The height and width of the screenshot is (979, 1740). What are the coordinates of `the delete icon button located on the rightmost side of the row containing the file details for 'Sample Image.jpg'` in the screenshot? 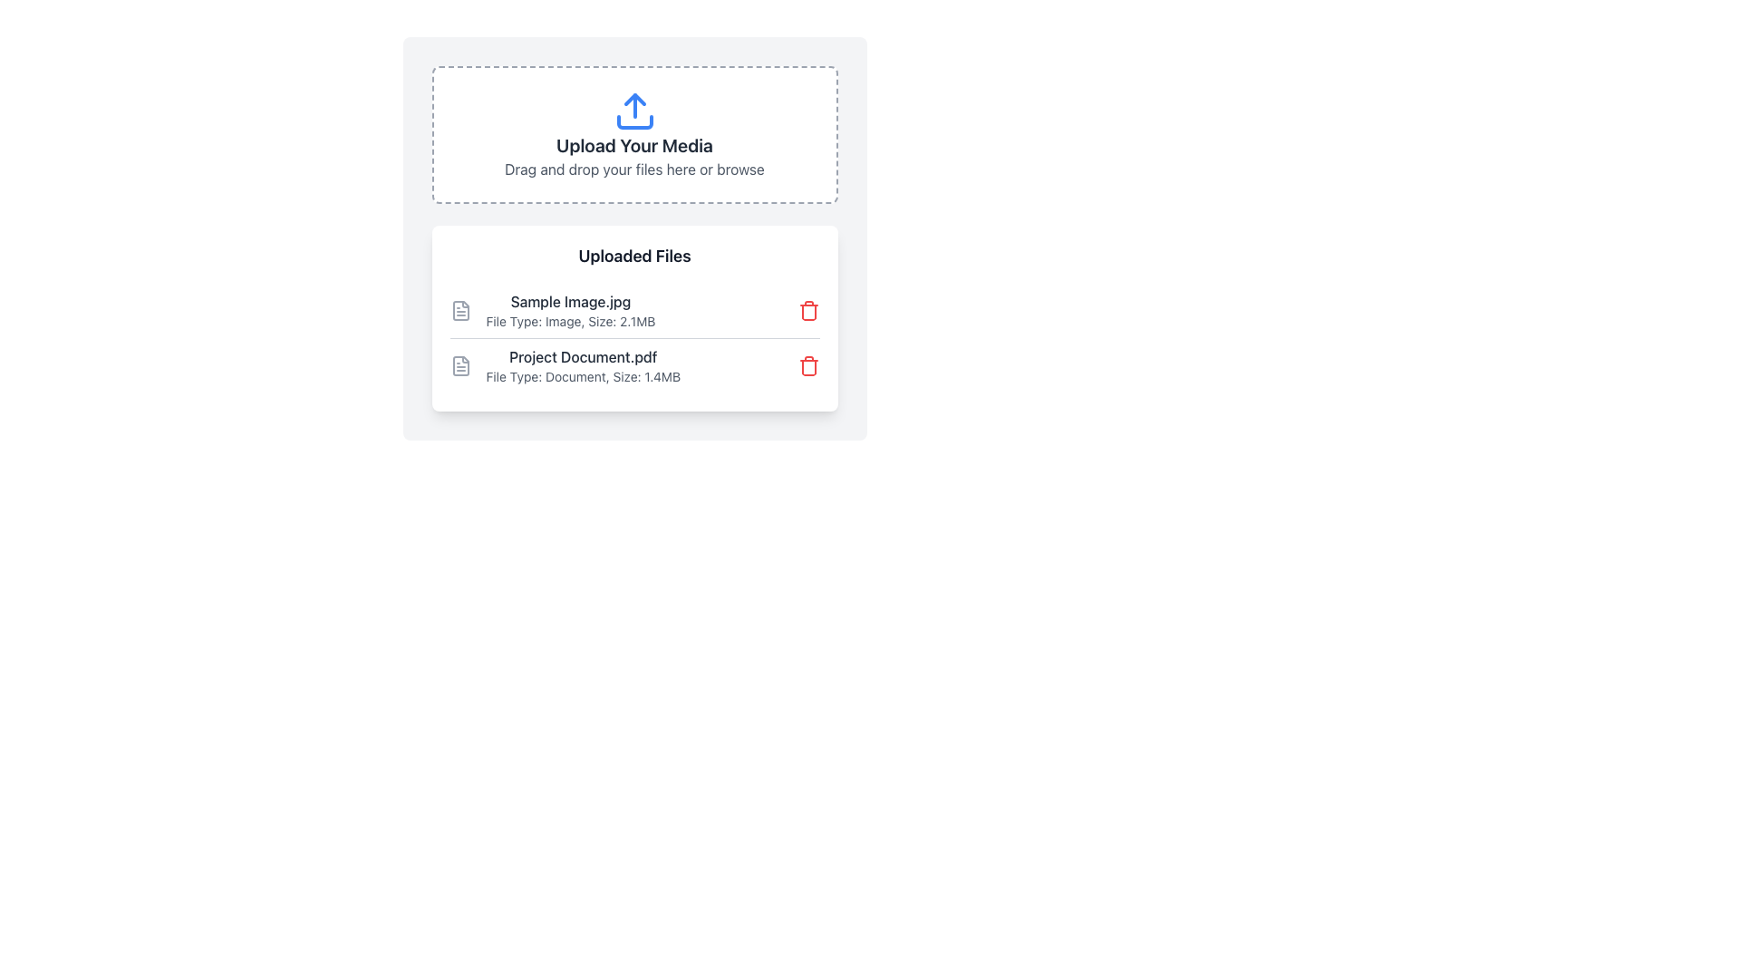 It's located at (807, 310).